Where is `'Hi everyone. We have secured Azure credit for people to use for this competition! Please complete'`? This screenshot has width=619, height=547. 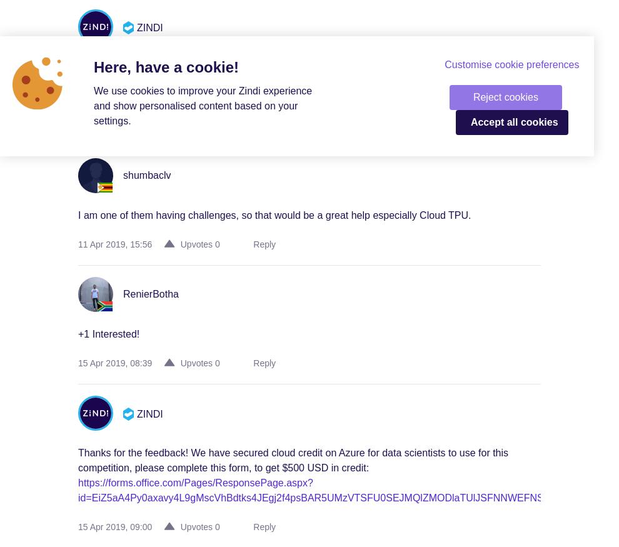 'Hi everyone. We have secured Azure credit for people to use for this competition! Please complete' is located at coordinates (78, 66).